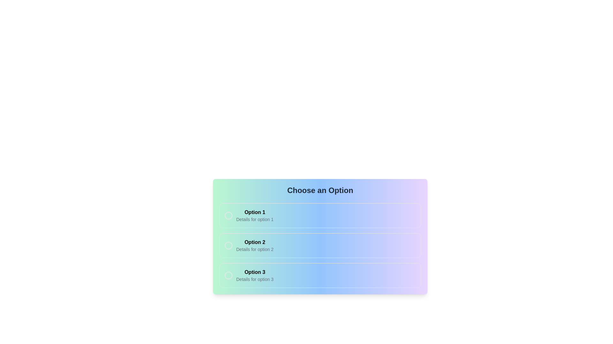 The width and height of the screenshot is (613, 344). I want to click on the second selectable option in the list located below the header 'Choose an Option' to highlight it, so click(320, 245).